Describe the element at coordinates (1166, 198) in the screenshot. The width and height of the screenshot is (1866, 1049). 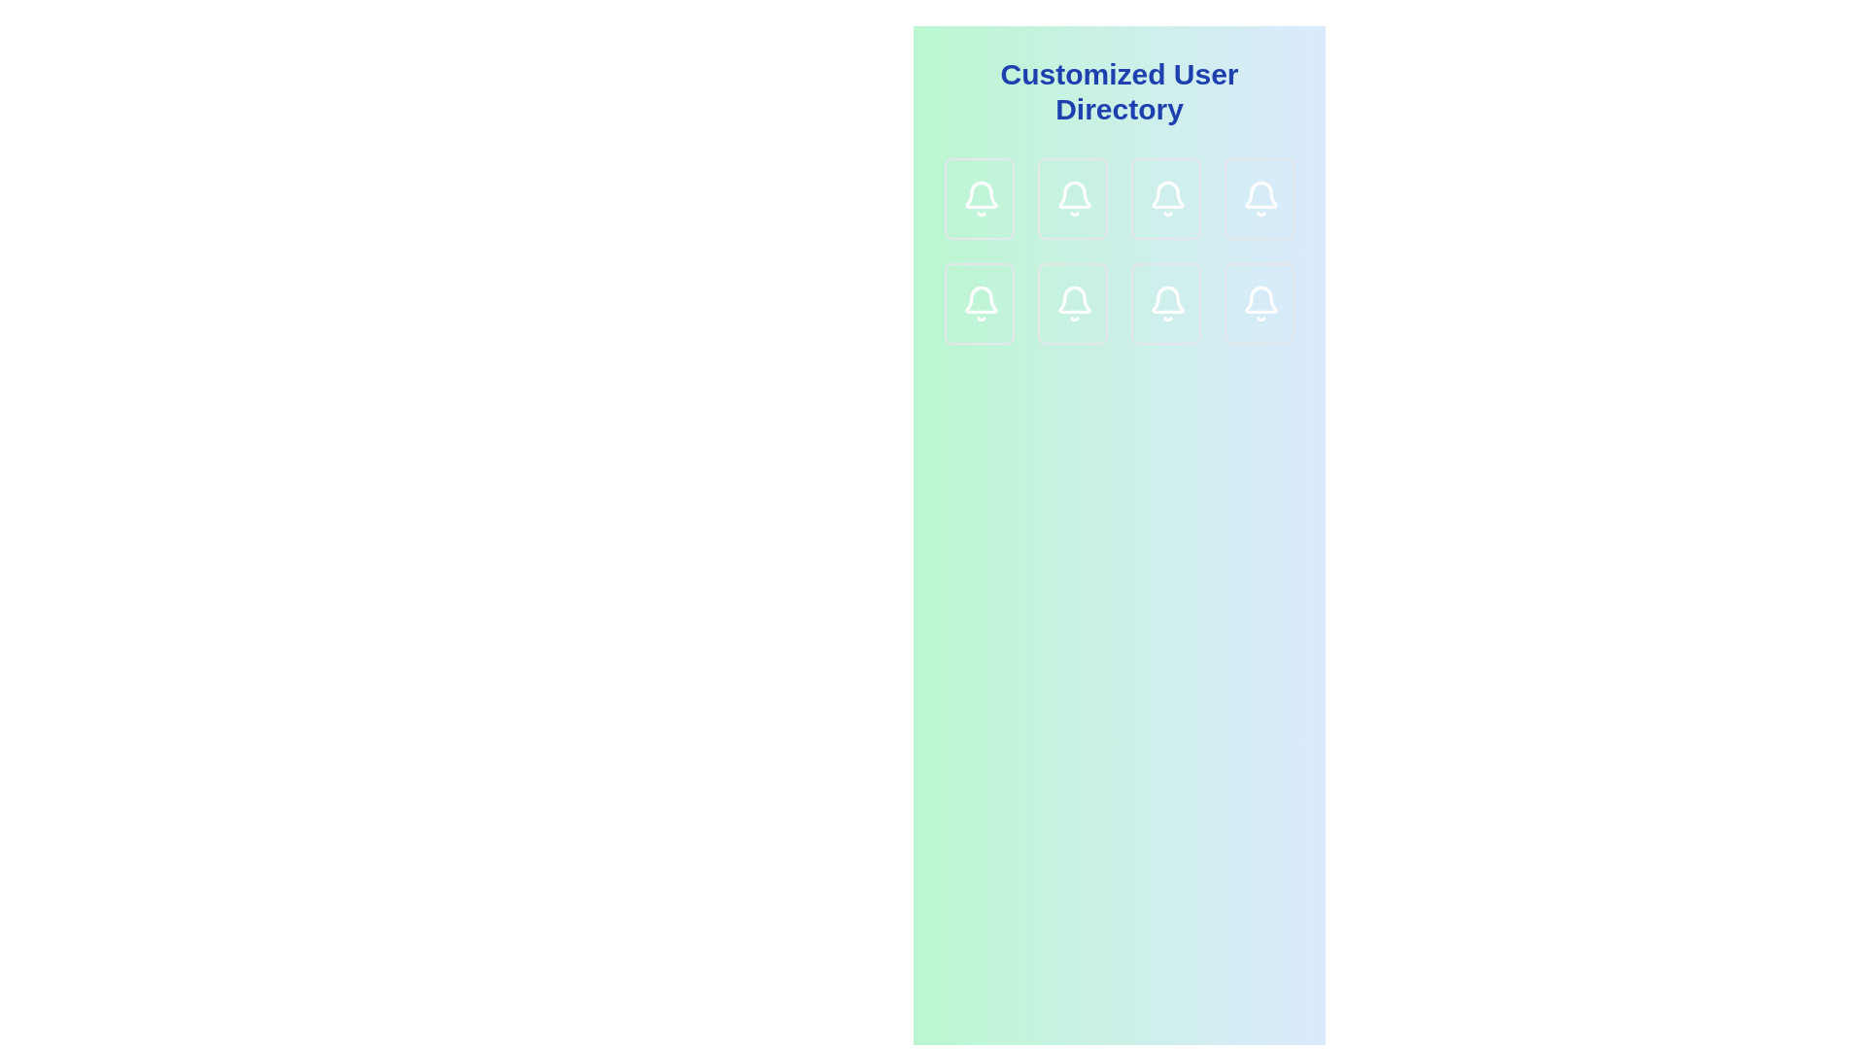
I see `the bell icon button in the top row, third column` at that location.